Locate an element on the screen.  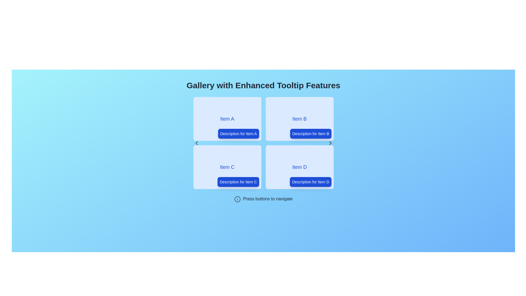
the text element displaying 'Item D', which is styled with a large font size, medium font weight, and blue color, located in the fourth card of a grid layout is located at coordinates (299, 167).